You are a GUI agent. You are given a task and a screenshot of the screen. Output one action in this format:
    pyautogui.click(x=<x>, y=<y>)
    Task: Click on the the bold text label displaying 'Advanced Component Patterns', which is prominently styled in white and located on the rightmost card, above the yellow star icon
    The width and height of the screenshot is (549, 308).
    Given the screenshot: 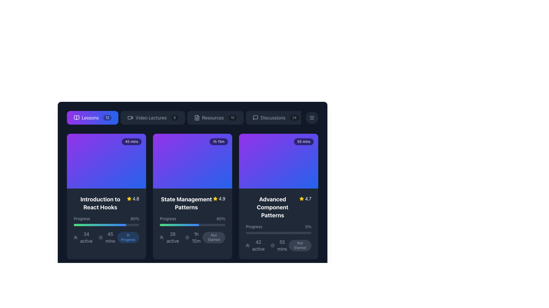 What is the action you would take?
    pyautogui.click(x=272, y=207)
    